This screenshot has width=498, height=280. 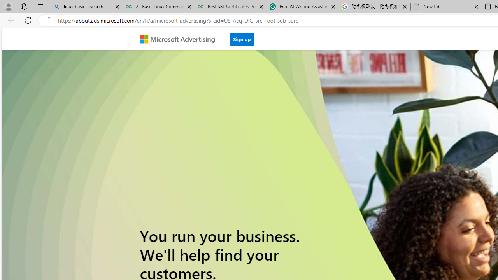 I want to click on 'linux basic - Search', so click(x=87, y=7).